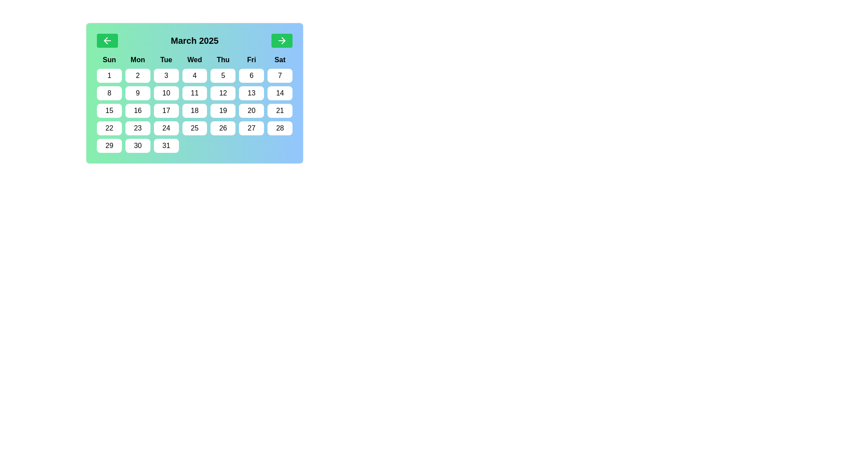 Image resolution: width=842 pixels, height=473 pixels. Describe the element at coordinates (109, 75) in the screenshot. I see `the rounded rectangular button with a white background and the number '1' centered in bold black text, which is the first element in the grid of dates under the 'Sun' column in the calendar, located at the top-left corner of the grid` at that location.